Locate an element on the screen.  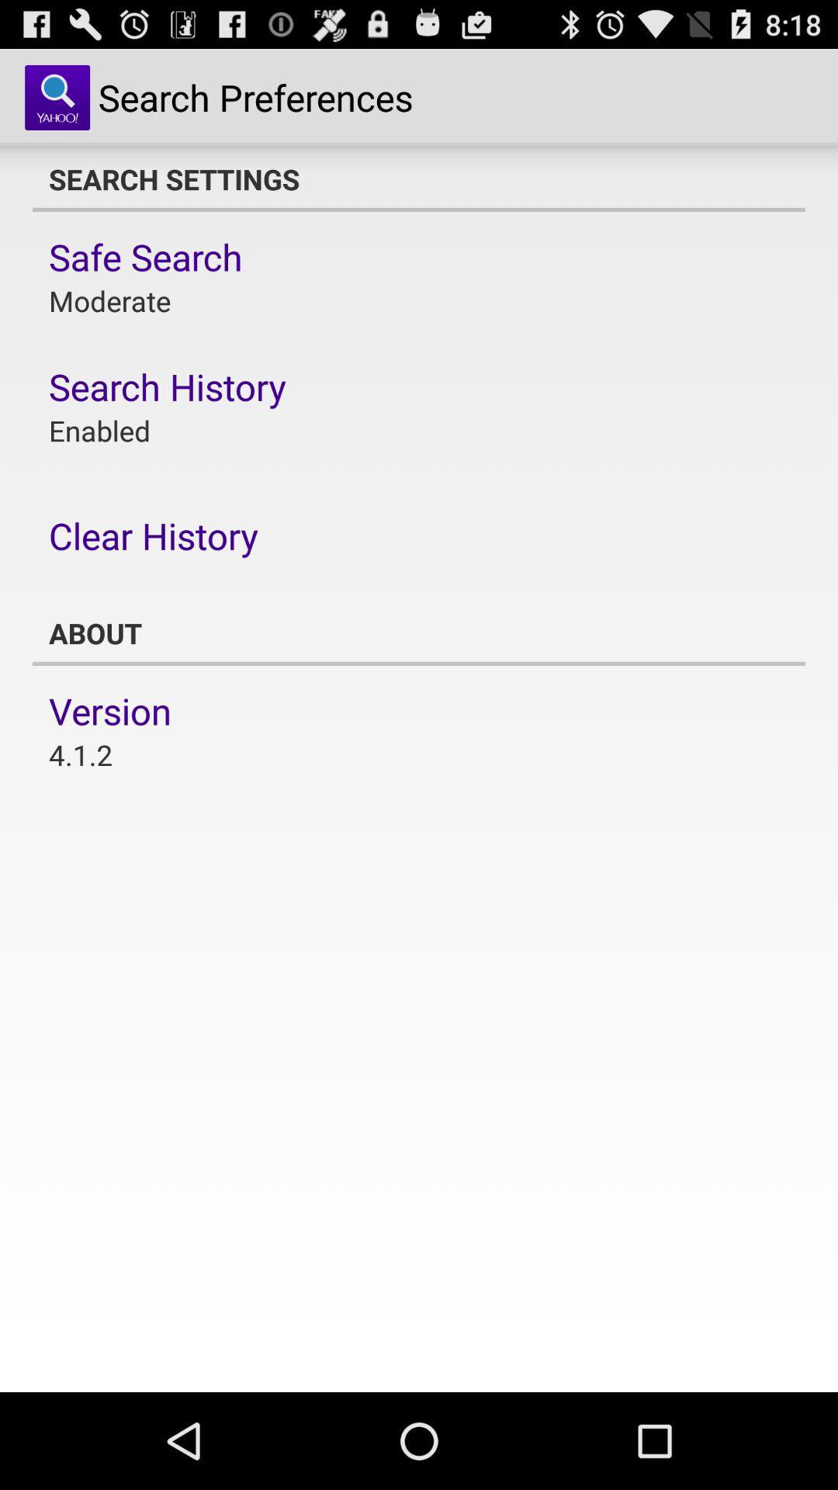
moderate item is located at coordinates (109, 300).